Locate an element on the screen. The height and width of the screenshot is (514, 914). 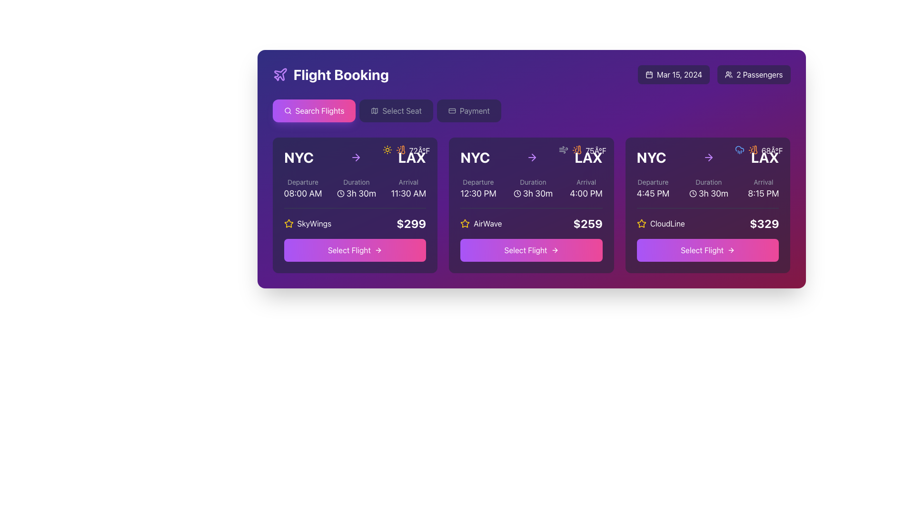
the airplane-shaped icon in the header section, which is styled in purple and located to the left of the 'Flight Booking' text is located at coordinates (279, 74).